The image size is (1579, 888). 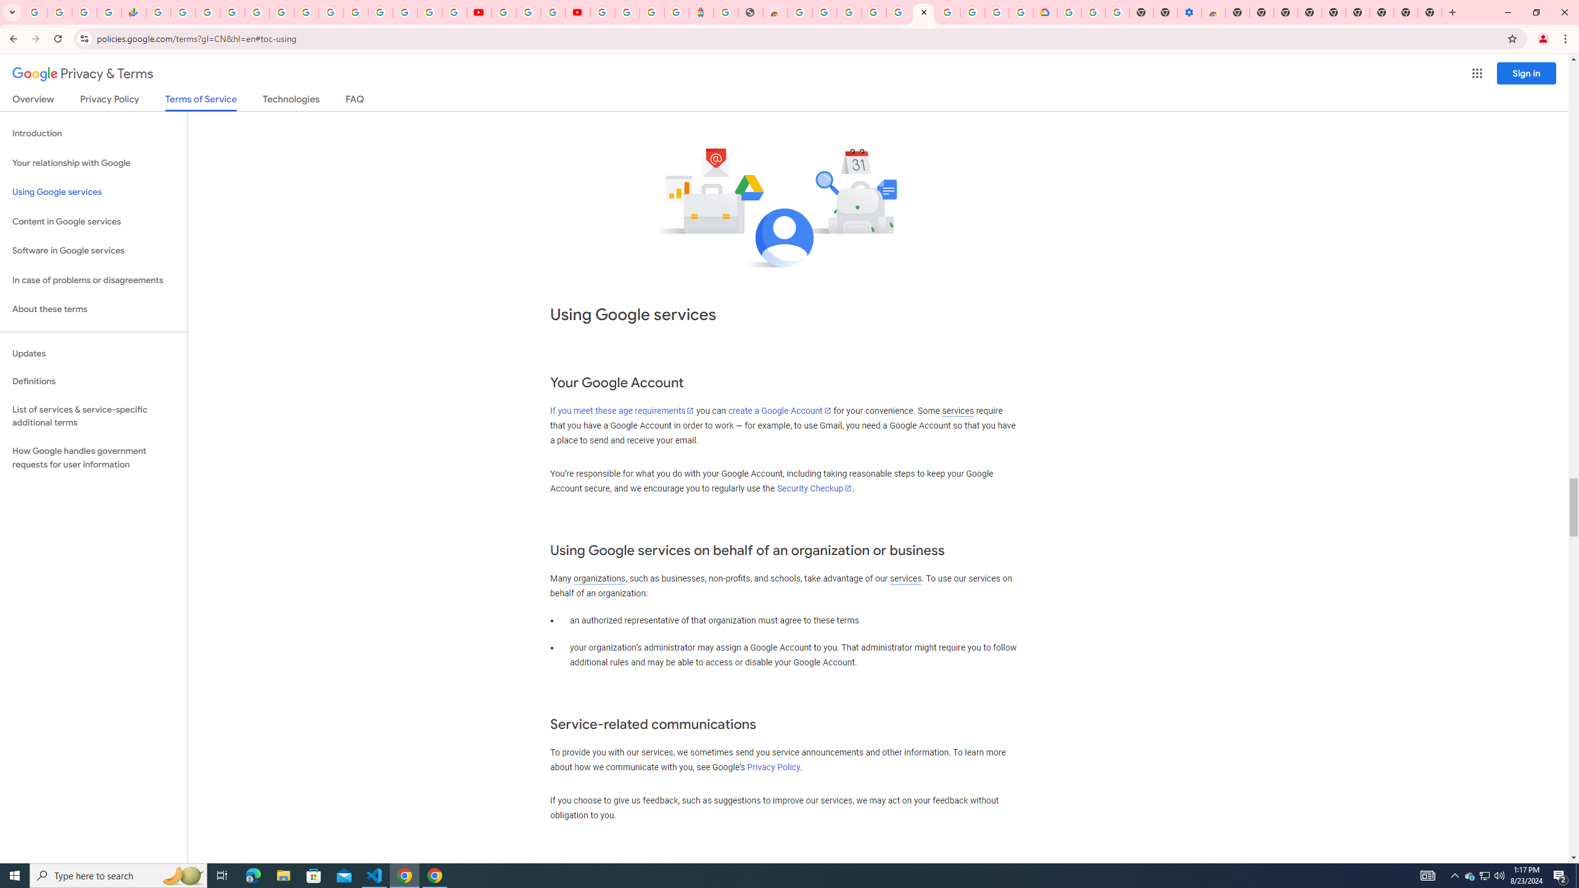 What do you see at coordinates (621, 411) in the screenshot?
I see `'If you meet these age requirements'` at bounding box center [621, 411].